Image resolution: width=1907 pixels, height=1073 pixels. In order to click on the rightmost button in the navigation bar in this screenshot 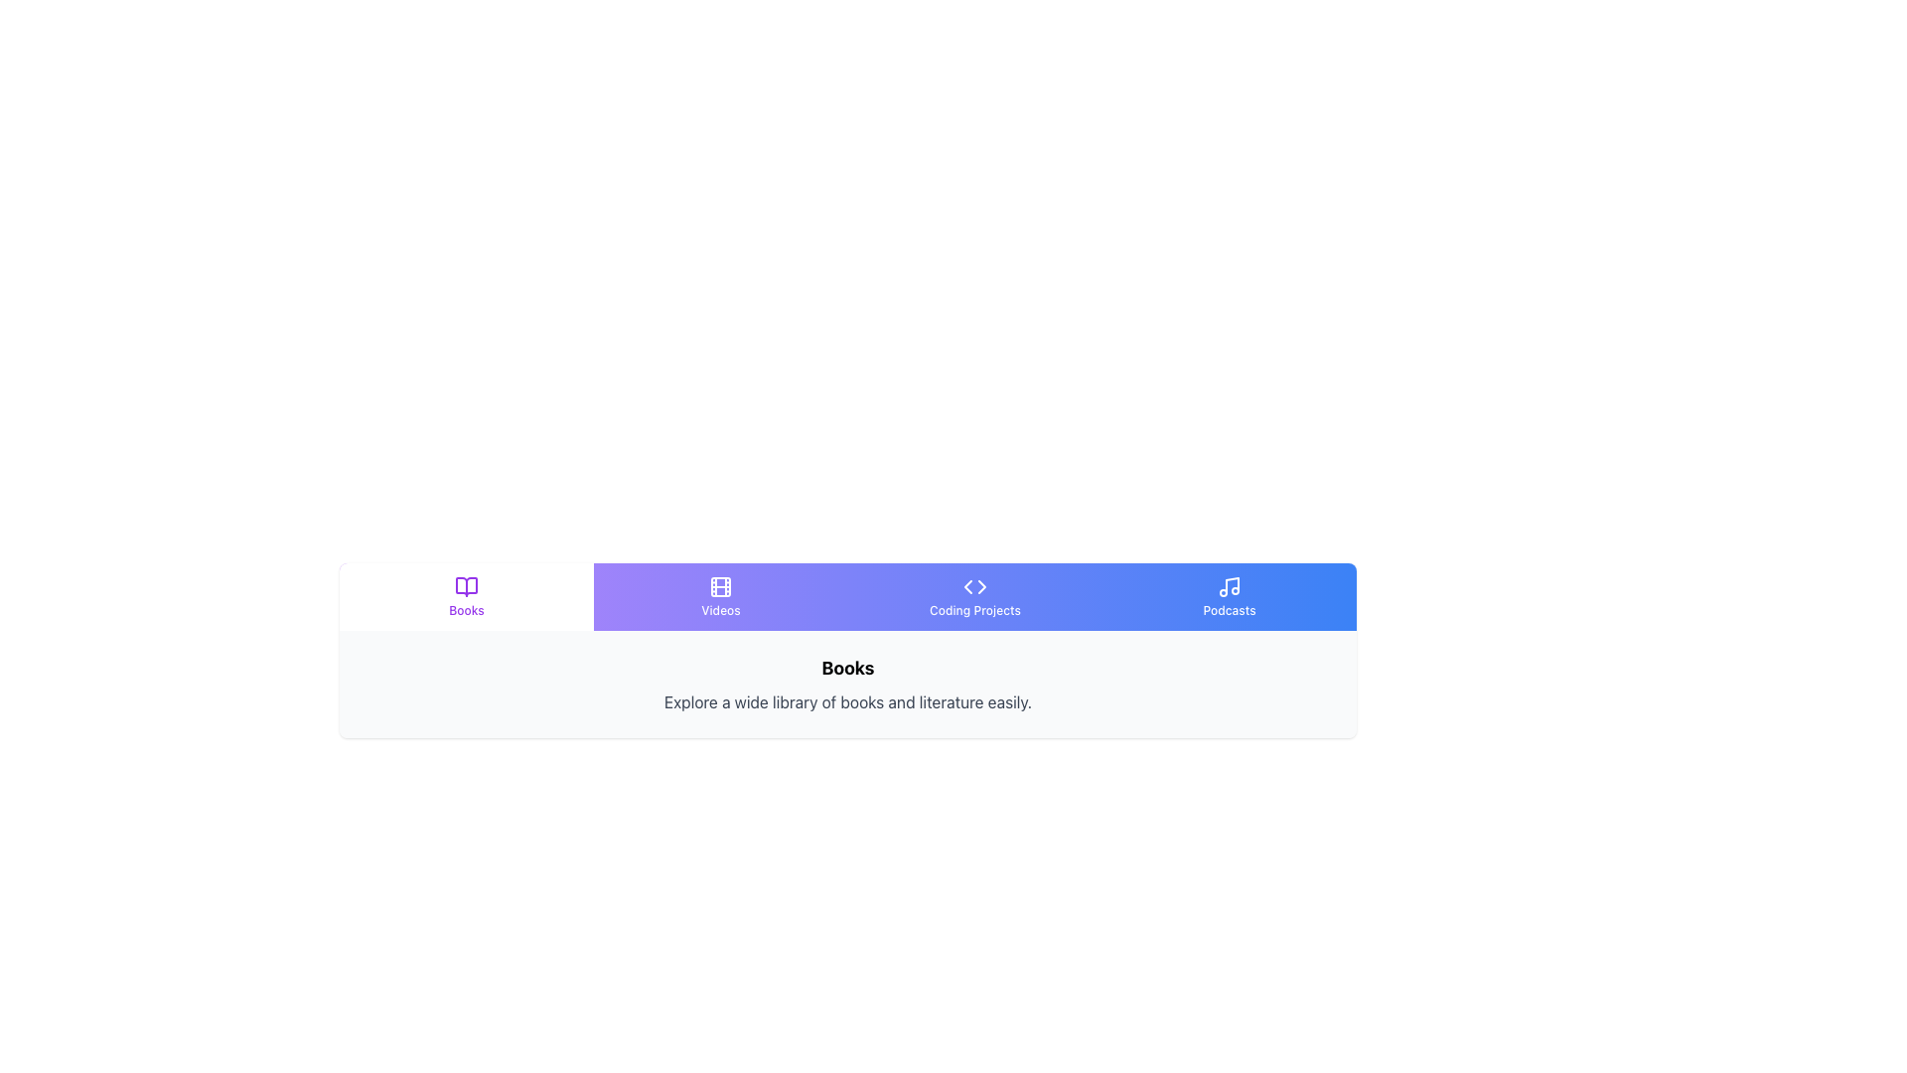, I will do `click(1229, 596)`.